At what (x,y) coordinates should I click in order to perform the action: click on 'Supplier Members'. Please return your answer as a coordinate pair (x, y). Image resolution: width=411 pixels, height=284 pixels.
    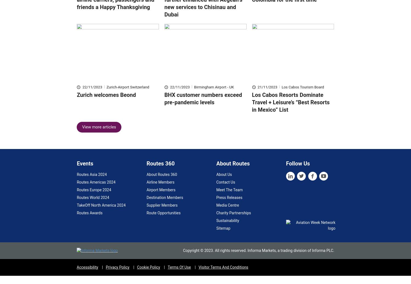
    Looking at the image, I should click on (162, 213).